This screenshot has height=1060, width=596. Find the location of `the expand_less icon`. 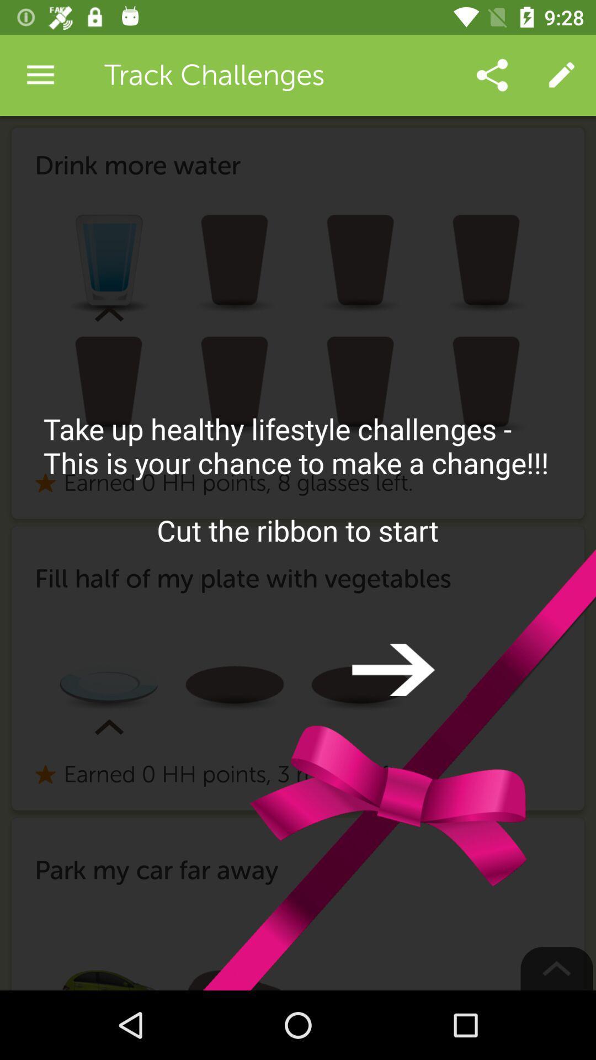

the expand_less icon is located at coordinates (557, 968).